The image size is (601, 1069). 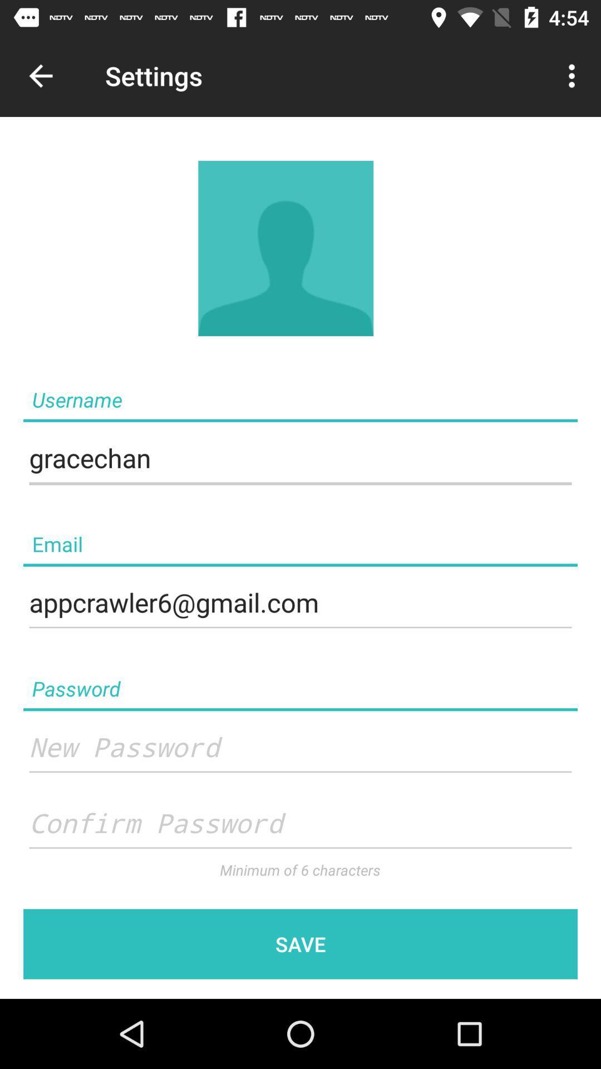 I want to click on the text field below username, so click(x=300, y=459).